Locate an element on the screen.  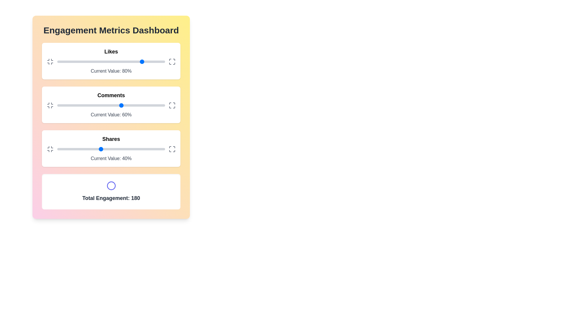
the maximize icon button located in the top right corner of the 'Likes' box is located at coordinates (172, 61).